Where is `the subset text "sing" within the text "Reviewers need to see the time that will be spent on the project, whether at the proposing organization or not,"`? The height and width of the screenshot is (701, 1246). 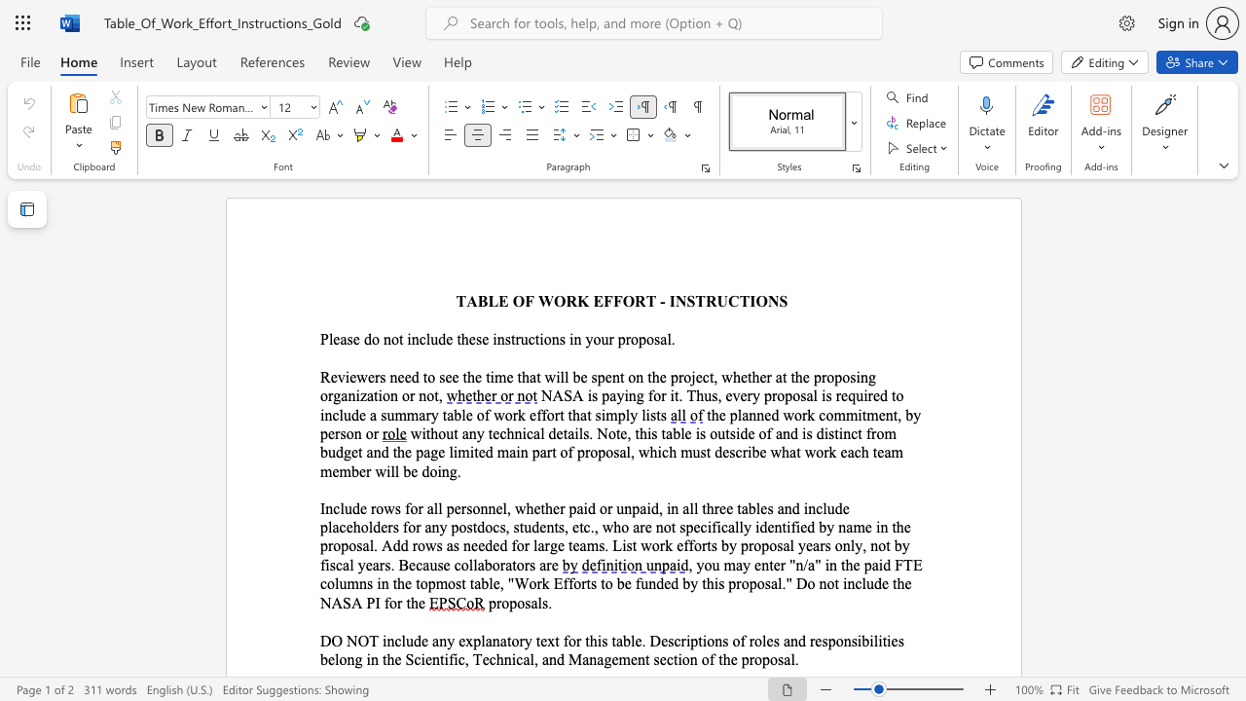 the subset text "sing" within the text "Reviewers need to see the time that will be spent on the project, whether at the proposing organization or not," is located at coordinates (850, 377).